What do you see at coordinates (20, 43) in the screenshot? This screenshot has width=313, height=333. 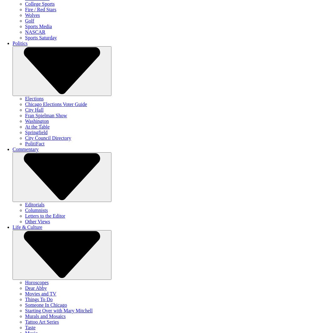 I see `'Politics'` at bounding box center [20, 43].